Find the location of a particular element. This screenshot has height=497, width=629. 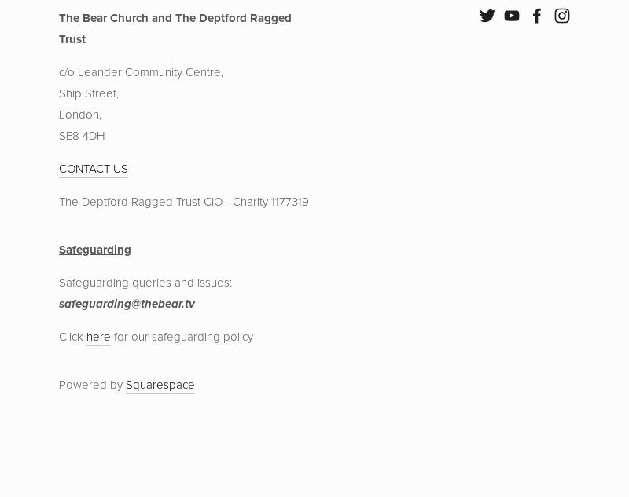

'Powered by' is located at coordinates (91, 384).